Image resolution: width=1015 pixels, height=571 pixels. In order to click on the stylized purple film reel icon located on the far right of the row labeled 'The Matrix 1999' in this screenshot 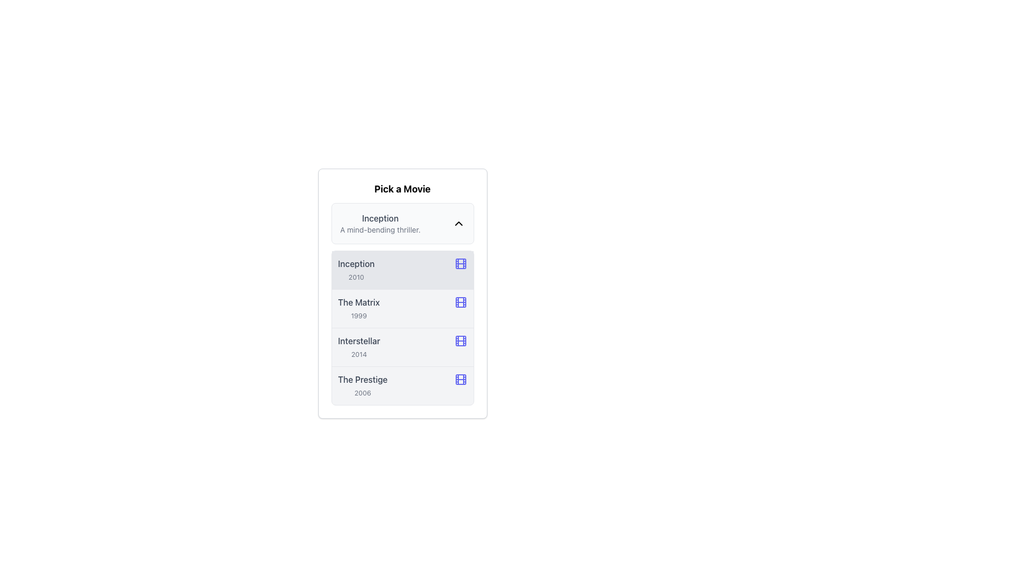, I will do `click(460, 302)`.